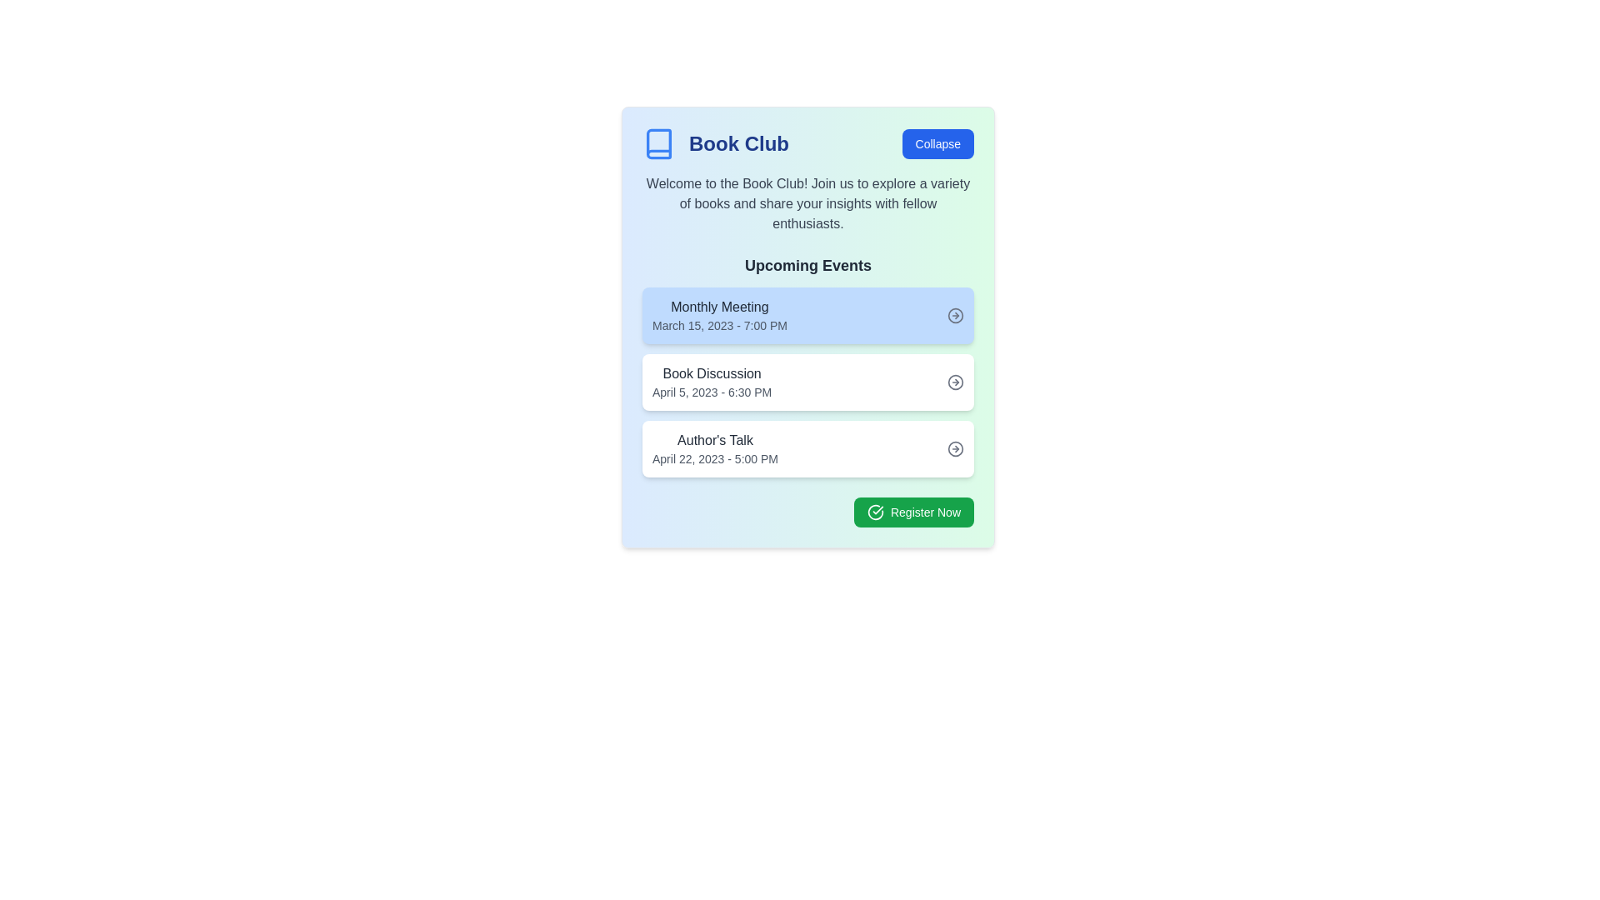  What do you see at coordinates (712, 382) in the screenshot?
I see `the 'Book Discussion' text label, which is styled in bold and contains the date and time 'April 5, 2023 - 6:30 PM', positioned as the second element in a vertical list of event cards under 'Upcoming Events'` at bounding box center [712, 382].